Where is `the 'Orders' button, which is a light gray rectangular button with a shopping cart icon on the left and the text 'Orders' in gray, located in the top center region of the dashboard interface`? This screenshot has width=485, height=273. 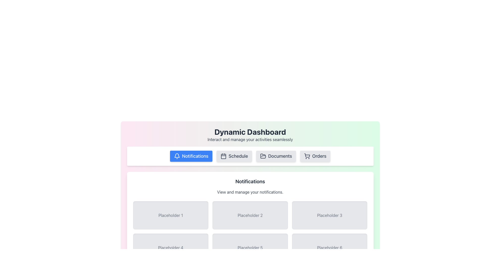 the 'Orders' button, which is a light gray rectangular button with a shopping cart icon on the left and the text 'Orders' in gray, located in the top center region of the dashboard interface is located at coordinates (315, 156).